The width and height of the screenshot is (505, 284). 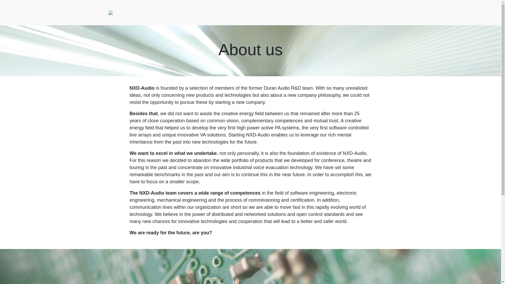 I want to click on 'NXD-Audio', so click(x=110, y=12).